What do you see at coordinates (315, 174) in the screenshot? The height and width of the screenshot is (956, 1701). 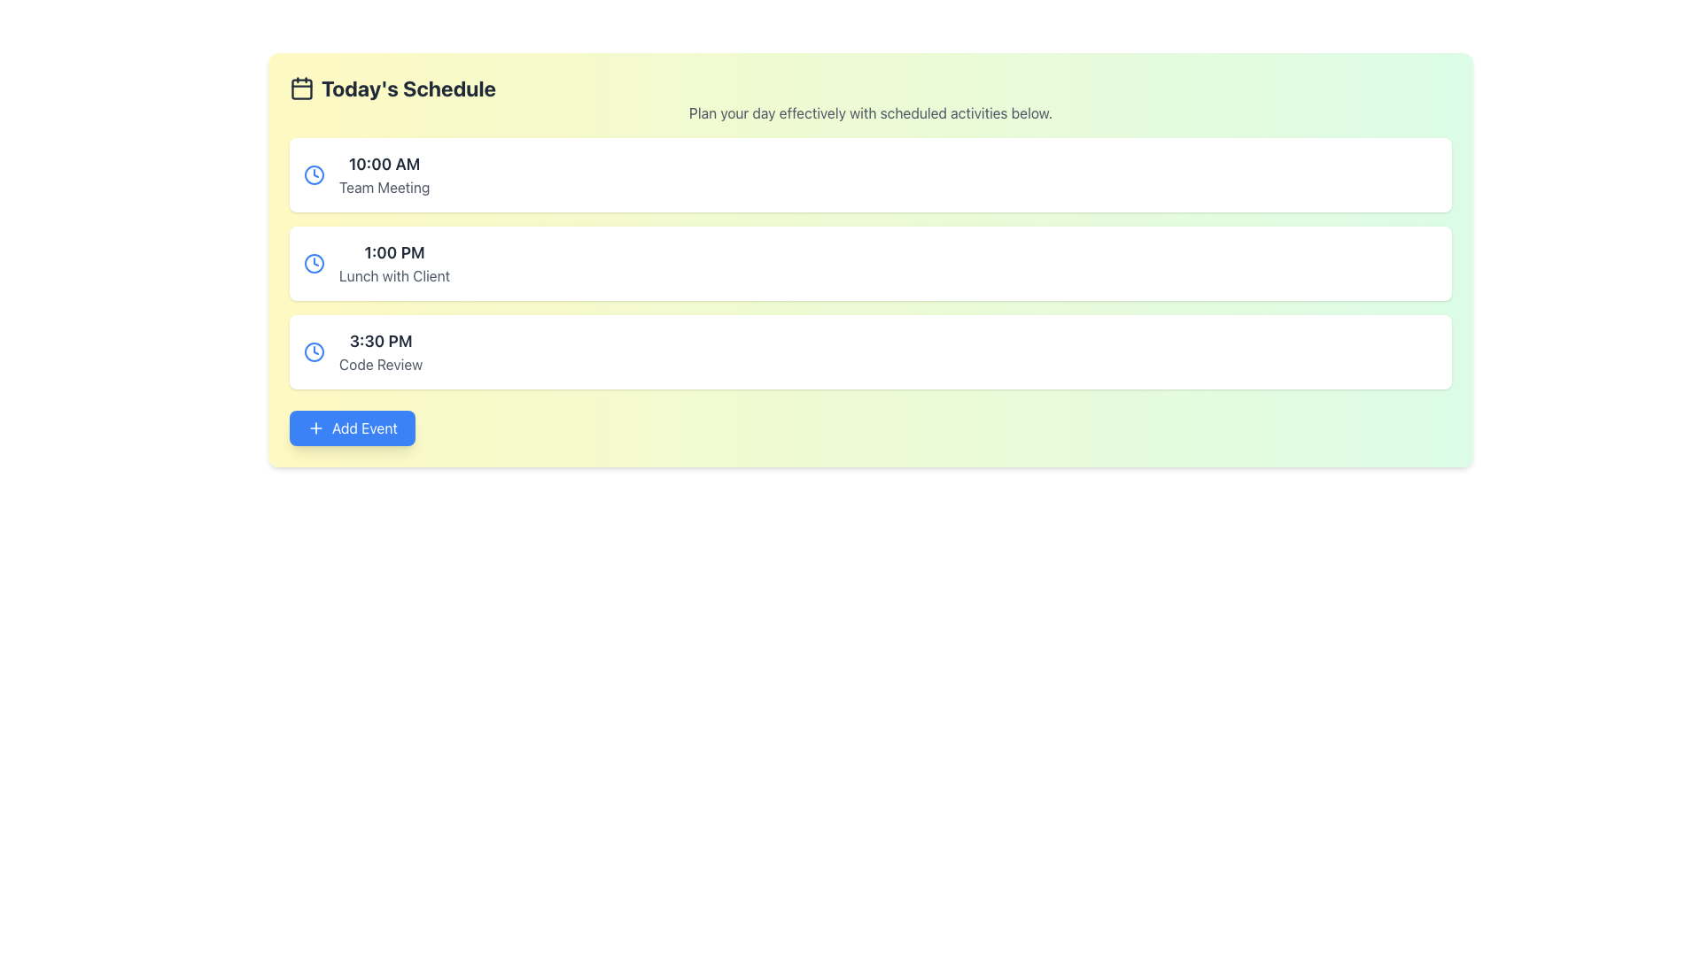 I see `the blue circular icon of the clock illustration, which is the outer circle of the clock icon located to the left of '10:00 AM' in the schedule` at bounding box center [315, 174].